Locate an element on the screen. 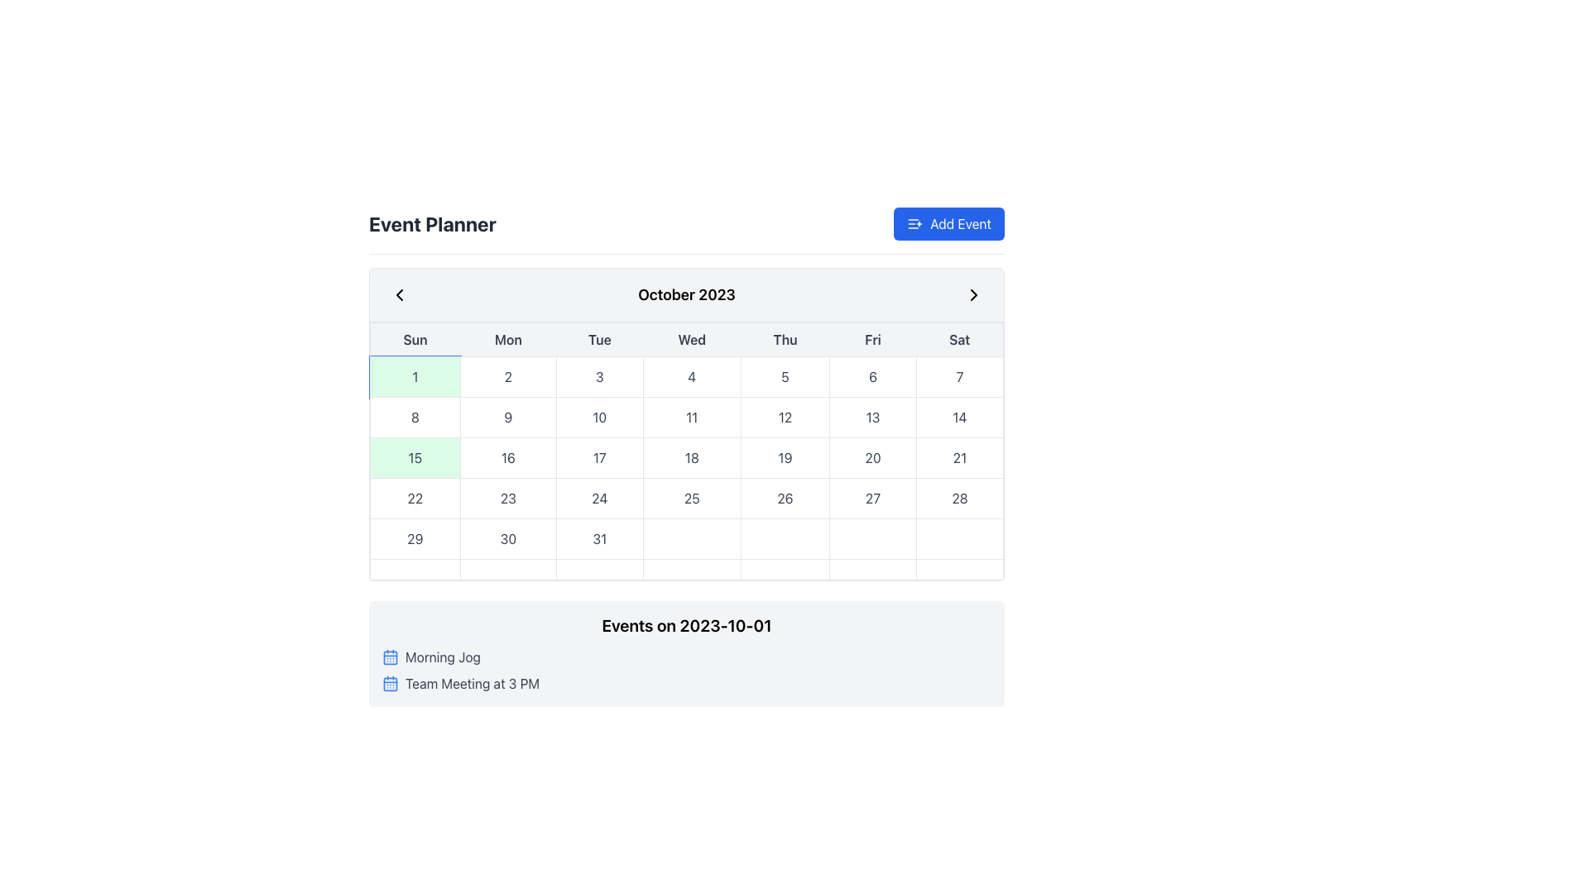 This screenshot has height=893, width=1589. the calendar date entry displaying the number '20' is located at coordinates (872, 458).